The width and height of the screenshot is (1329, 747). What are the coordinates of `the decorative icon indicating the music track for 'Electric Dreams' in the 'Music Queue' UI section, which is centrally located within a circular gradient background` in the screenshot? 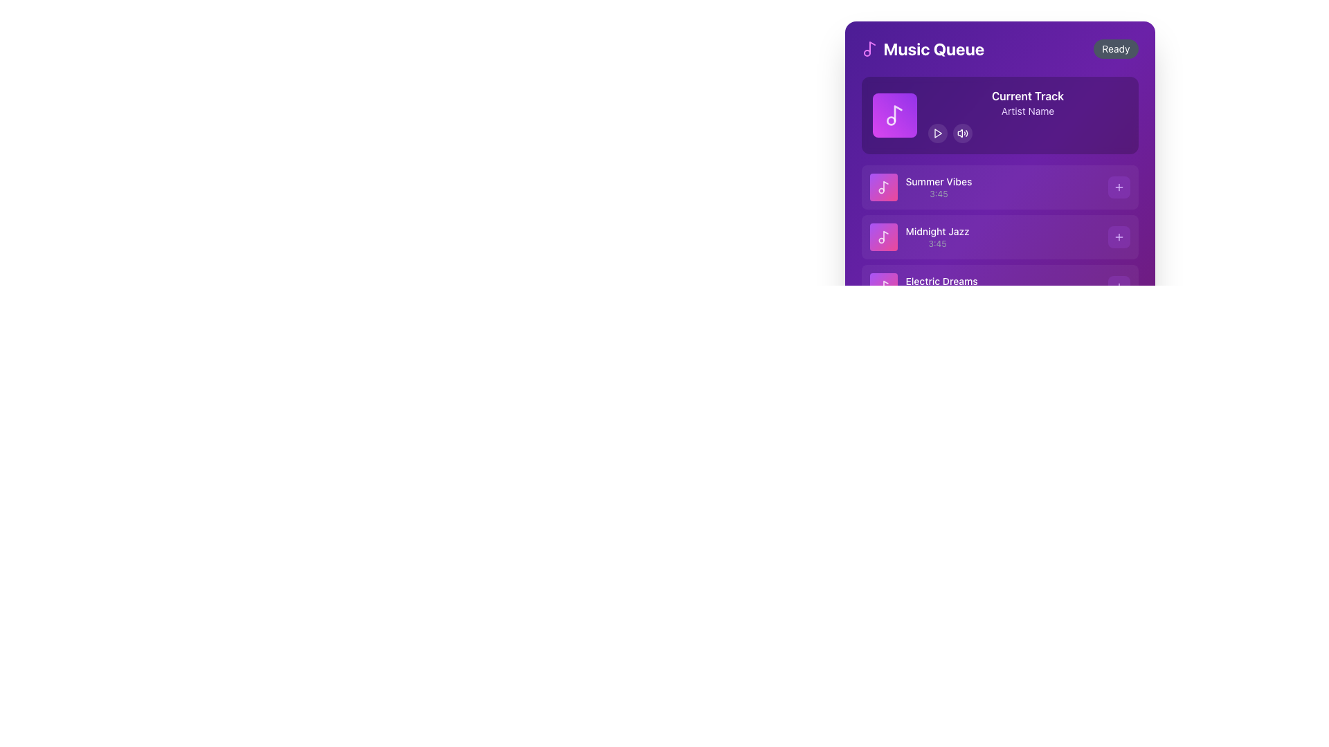 It's located at (883, 286).